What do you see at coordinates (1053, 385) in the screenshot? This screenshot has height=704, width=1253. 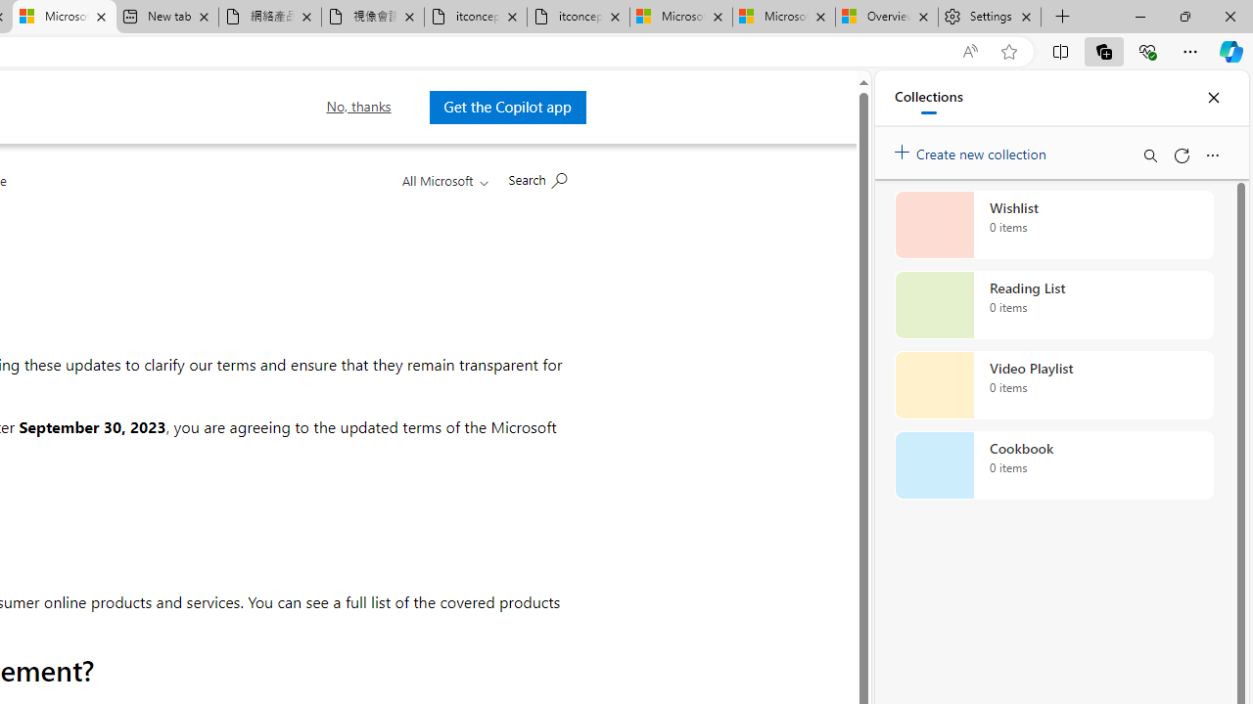 I see `'Video Playlist collection, 0 items'` at bounding box center [1053, 385].